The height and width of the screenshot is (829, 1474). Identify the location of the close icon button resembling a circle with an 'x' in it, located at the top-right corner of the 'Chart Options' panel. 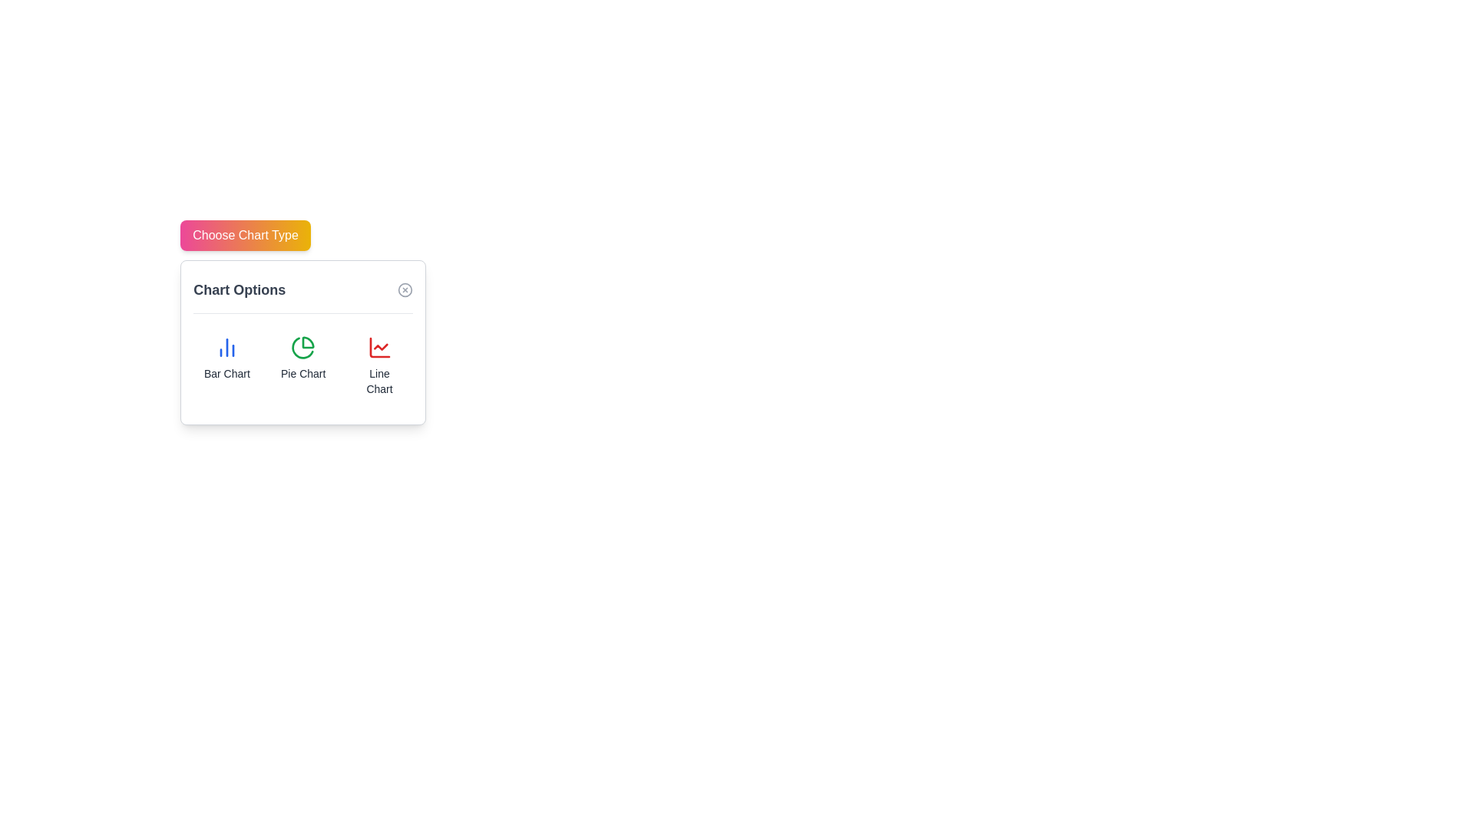
(405, 290).